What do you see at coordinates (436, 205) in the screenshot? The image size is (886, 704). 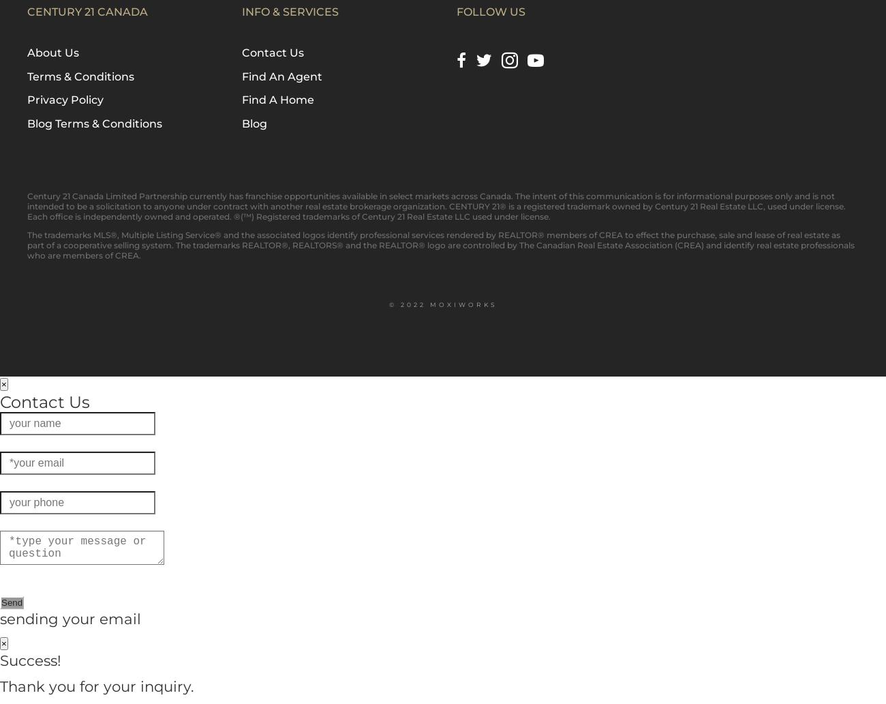 I see `'Century 21 Canada Limited Partnership currently has franchise opportunities available in select markets across Canada. The intent of this communication is for informational purposes only and is not intended to be a solicitation to anyone under contract with another real estate brokerage organization. CENTURY 21® is a registered trademark owned by Century 21 Real Estate LLC, used under license. Each office is independently owned and operated. ®(™) Registered trademarks of Century 21 Real Estate LLC used under license.'` at bounding box center [436, 205].